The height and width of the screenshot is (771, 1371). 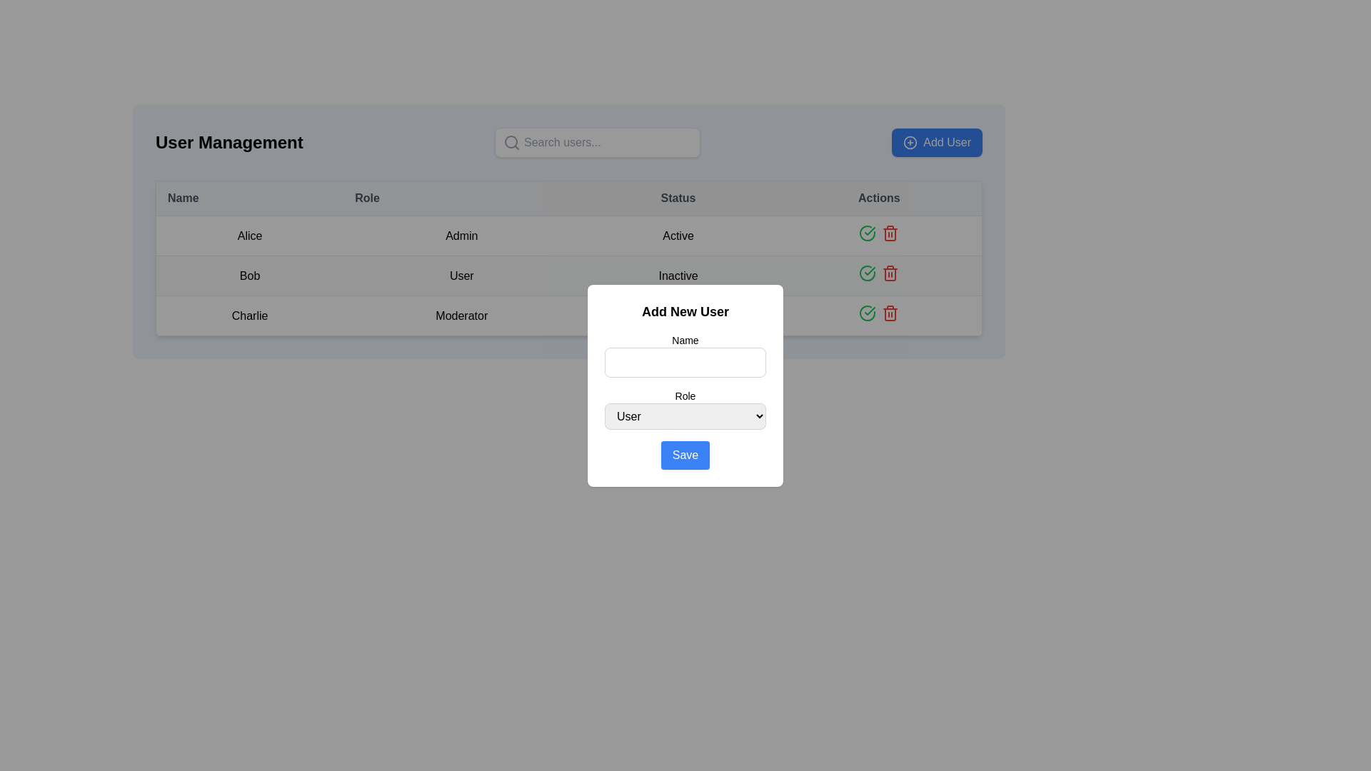 I want to click on the Icon Button in the 'Actions' column corresponding to the user 'Alice', positioned to the left of the red trash icon, so click(x=867, y=233).